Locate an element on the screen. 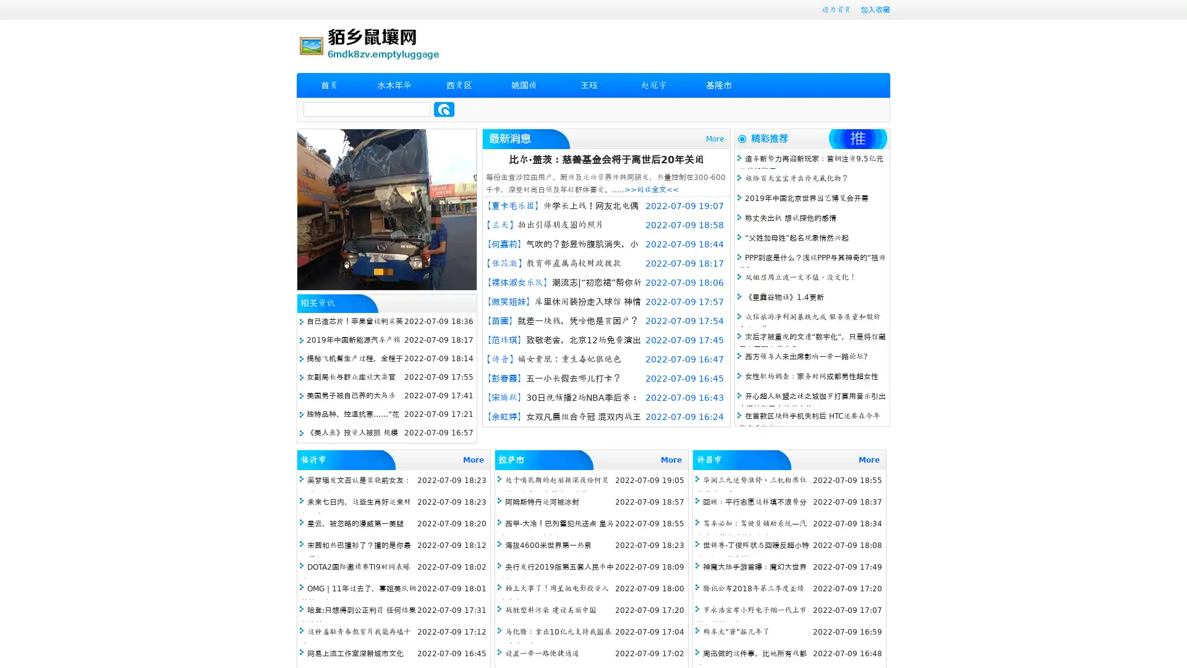  Search is located at coordinates (444, 109).